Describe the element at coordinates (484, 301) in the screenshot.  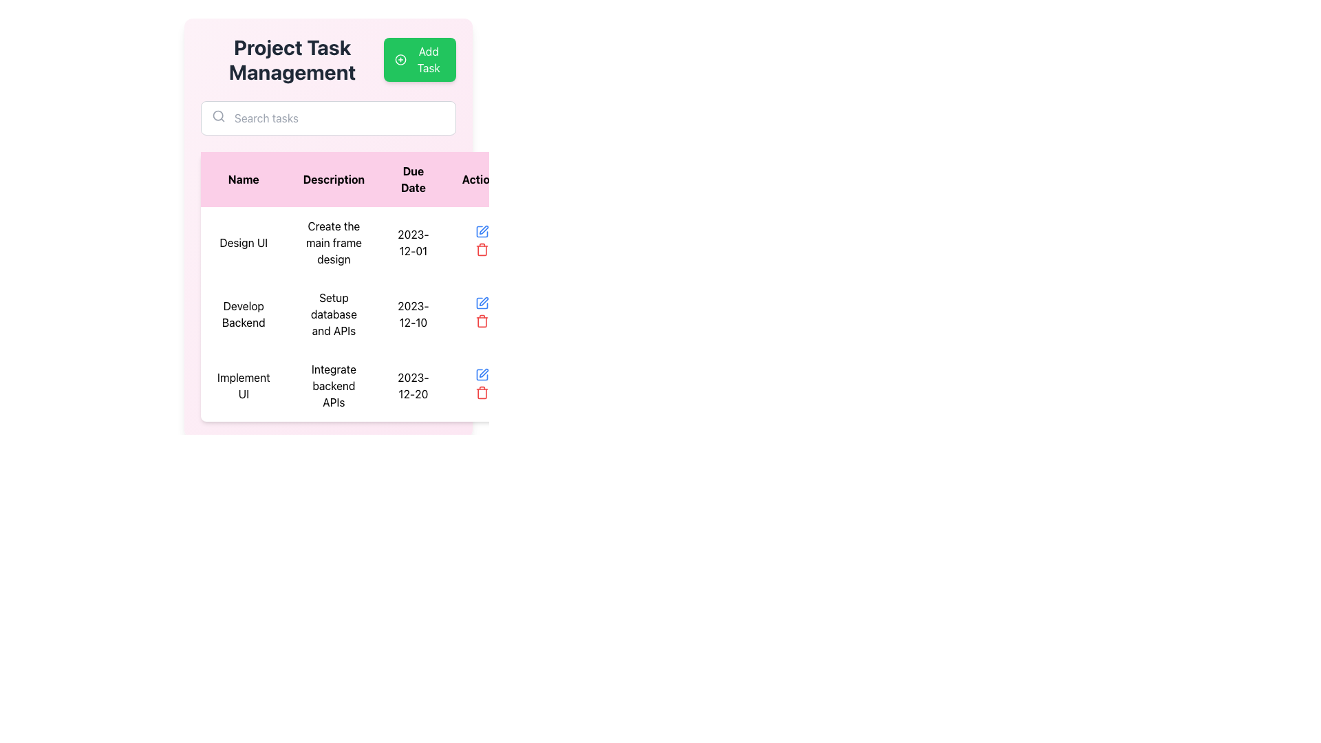
I see `the blue pen or pencil icon in the 'Actions' column of the 'Develop Backend' row` at that location.